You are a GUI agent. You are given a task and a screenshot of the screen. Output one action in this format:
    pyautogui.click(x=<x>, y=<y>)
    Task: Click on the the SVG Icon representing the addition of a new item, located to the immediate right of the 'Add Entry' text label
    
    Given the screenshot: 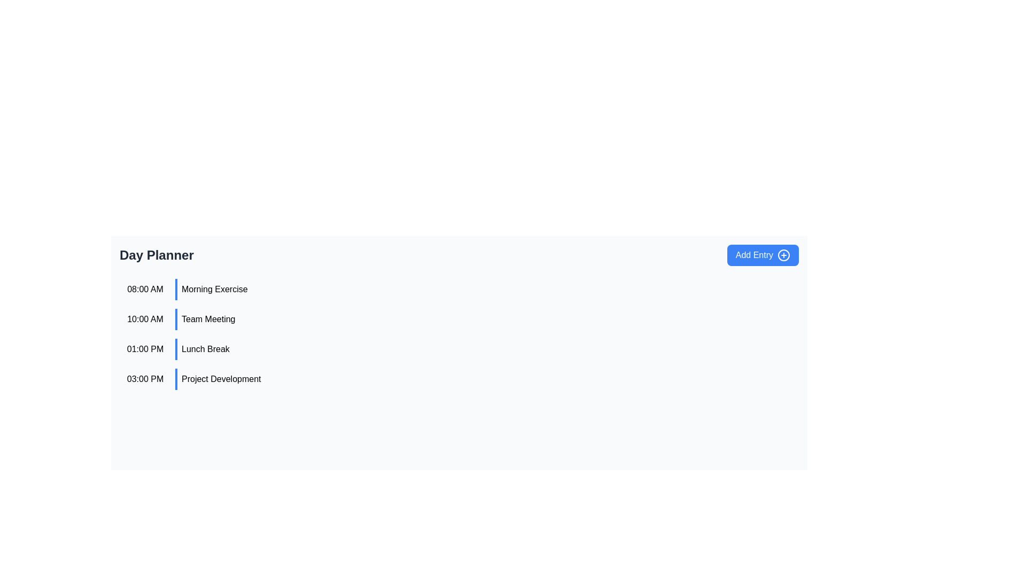 What is the action you would take?
    pyautogui.click(x=784, y=255)
    